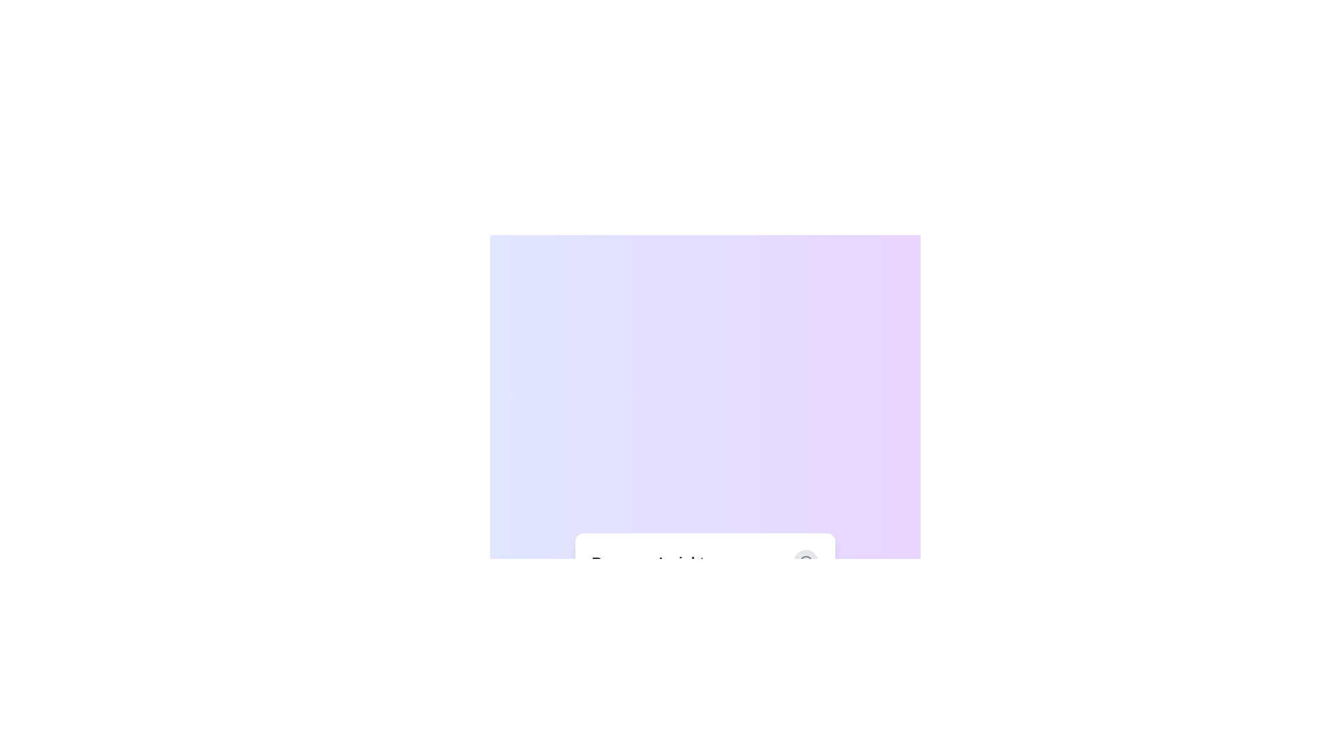 This screenshot has height=749, width=1331. I want to click on the information Icon button located in the top right corner of the white bottom card, so click(806, 562).